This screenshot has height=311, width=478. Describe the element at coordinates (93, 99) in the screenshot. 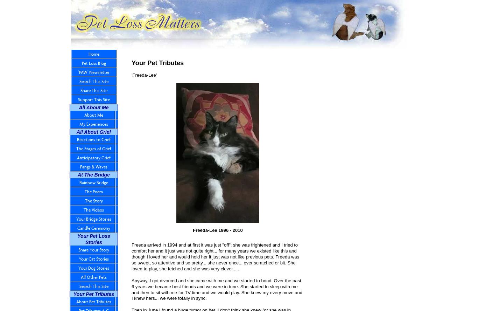

I see `'Support This Site'` at that location.